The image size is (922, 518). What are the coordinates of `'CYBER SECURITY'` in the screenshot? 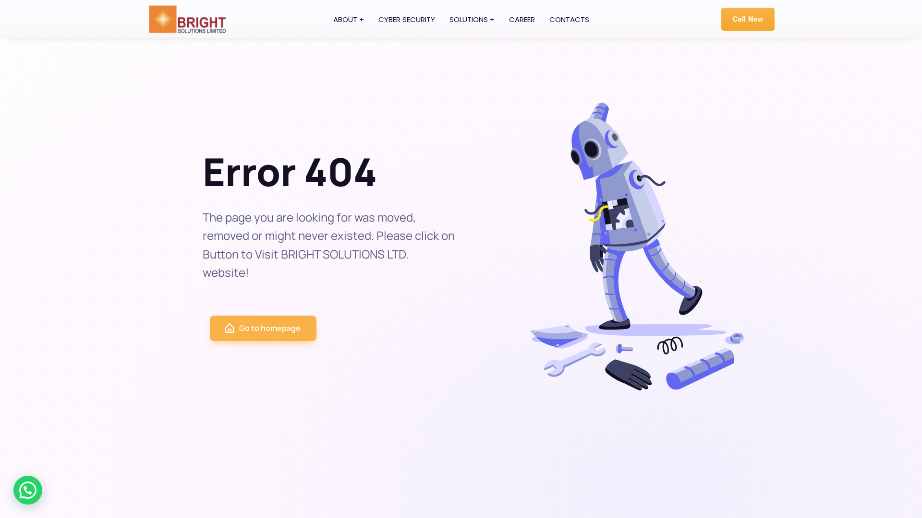 It's located at (370, 19).